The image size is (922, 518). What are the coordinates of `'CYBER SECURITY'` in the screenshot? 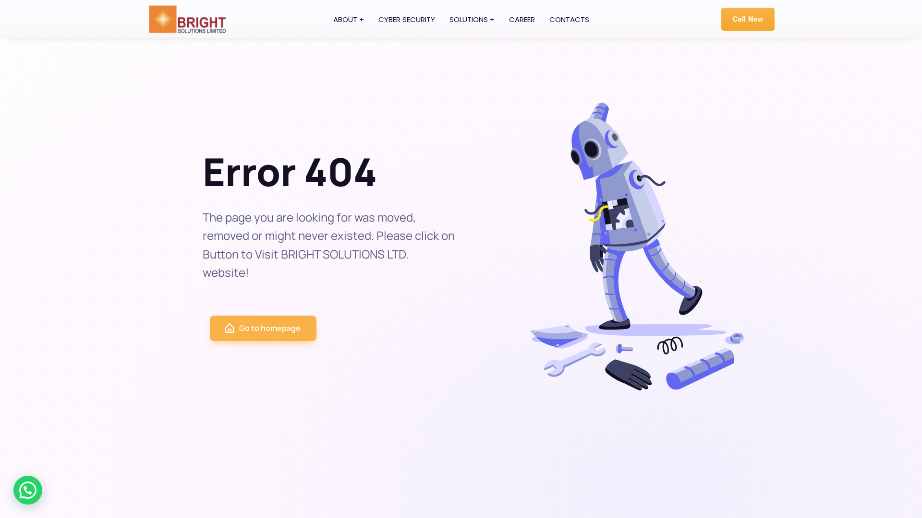 It's located at (370, 19).